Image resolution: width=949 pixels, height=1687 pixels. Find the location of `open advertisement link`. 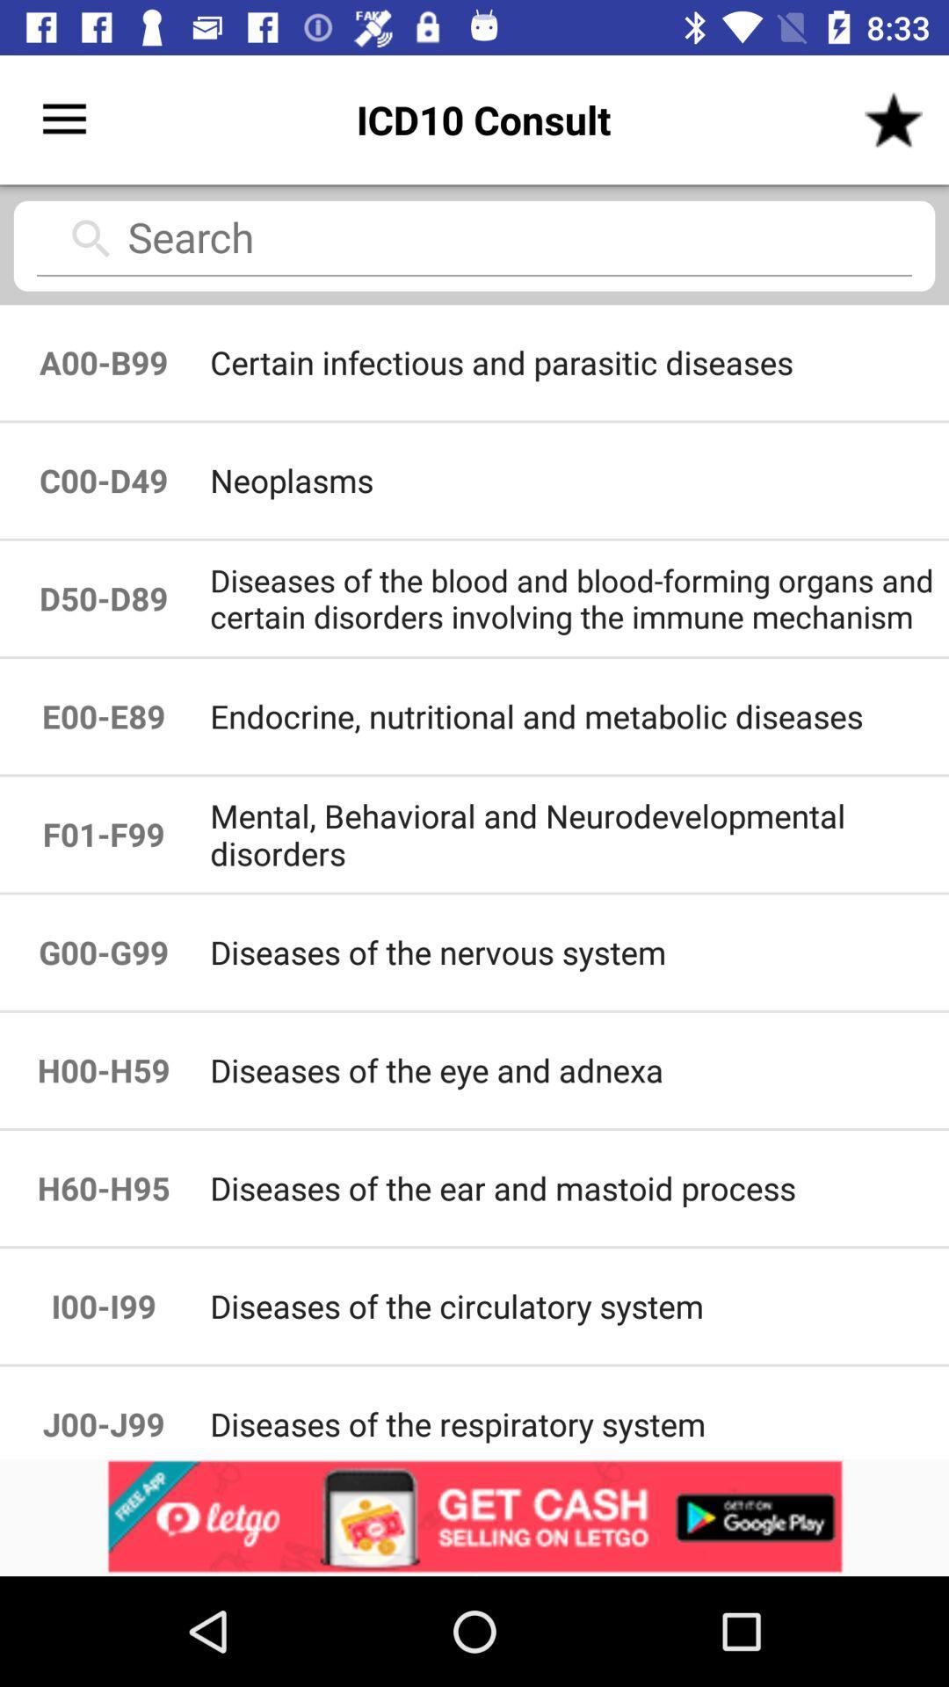

open advertisement link is located at coordinates (474, 1517).